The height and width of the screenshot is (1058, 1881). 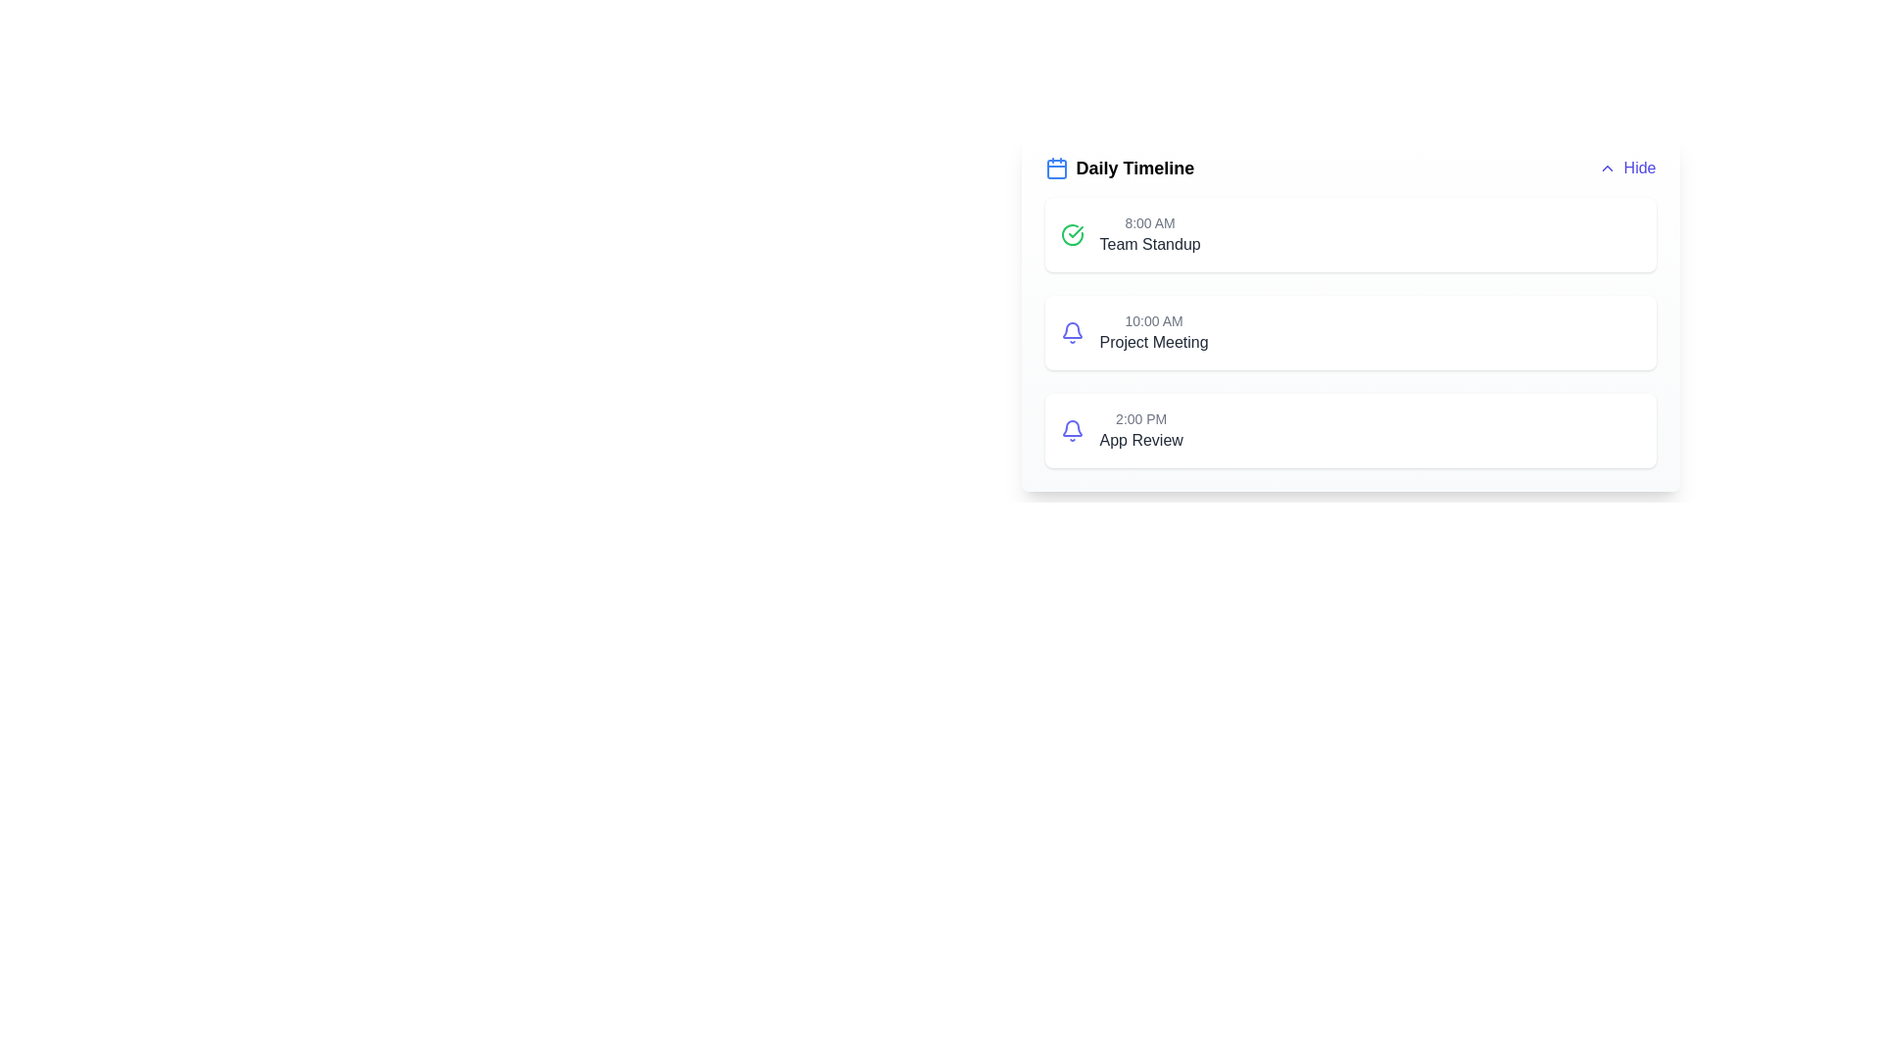 What do you see at coordinates (1141, 418) in the screenshot?
I see `the static text displaying '2:00 PM' in light gray color, located in the bottom-most entry of the timeline interface, aligned to the left of the 'App Review' label` at bounding box center [1141, 418].